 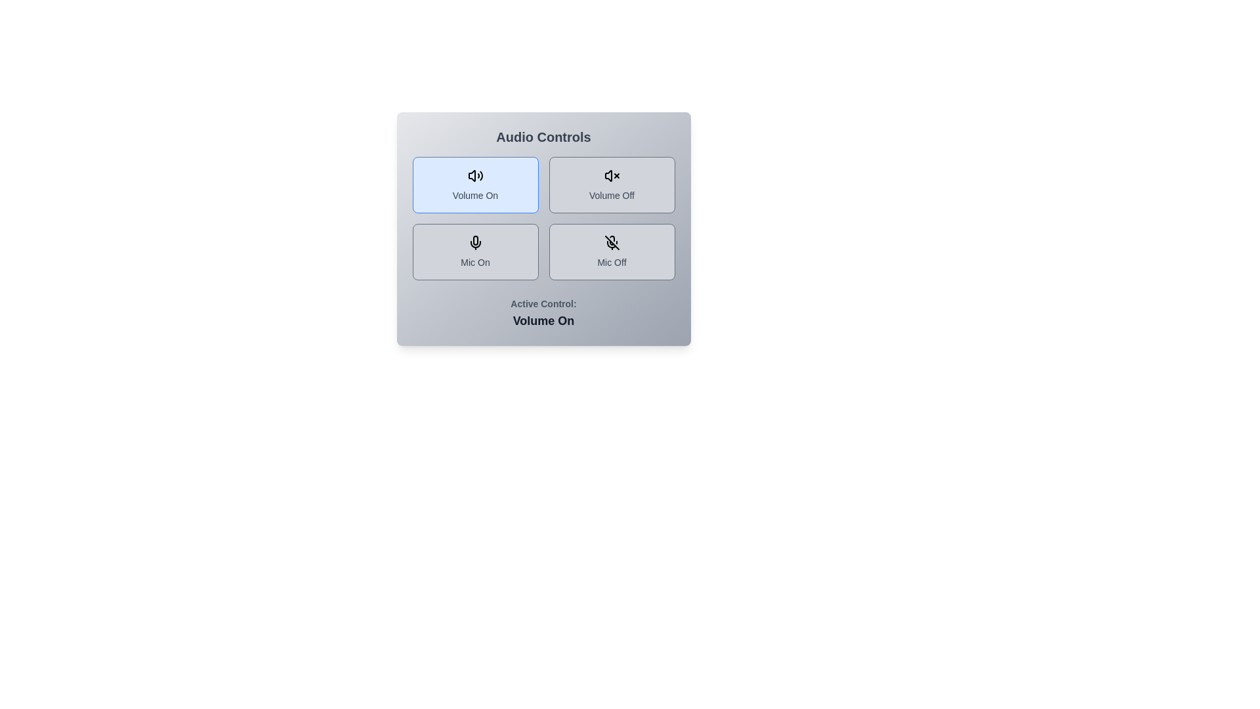 I want to click on the button labeled 'Mic On' to observe its hover effect, so click(x=474, y=252).